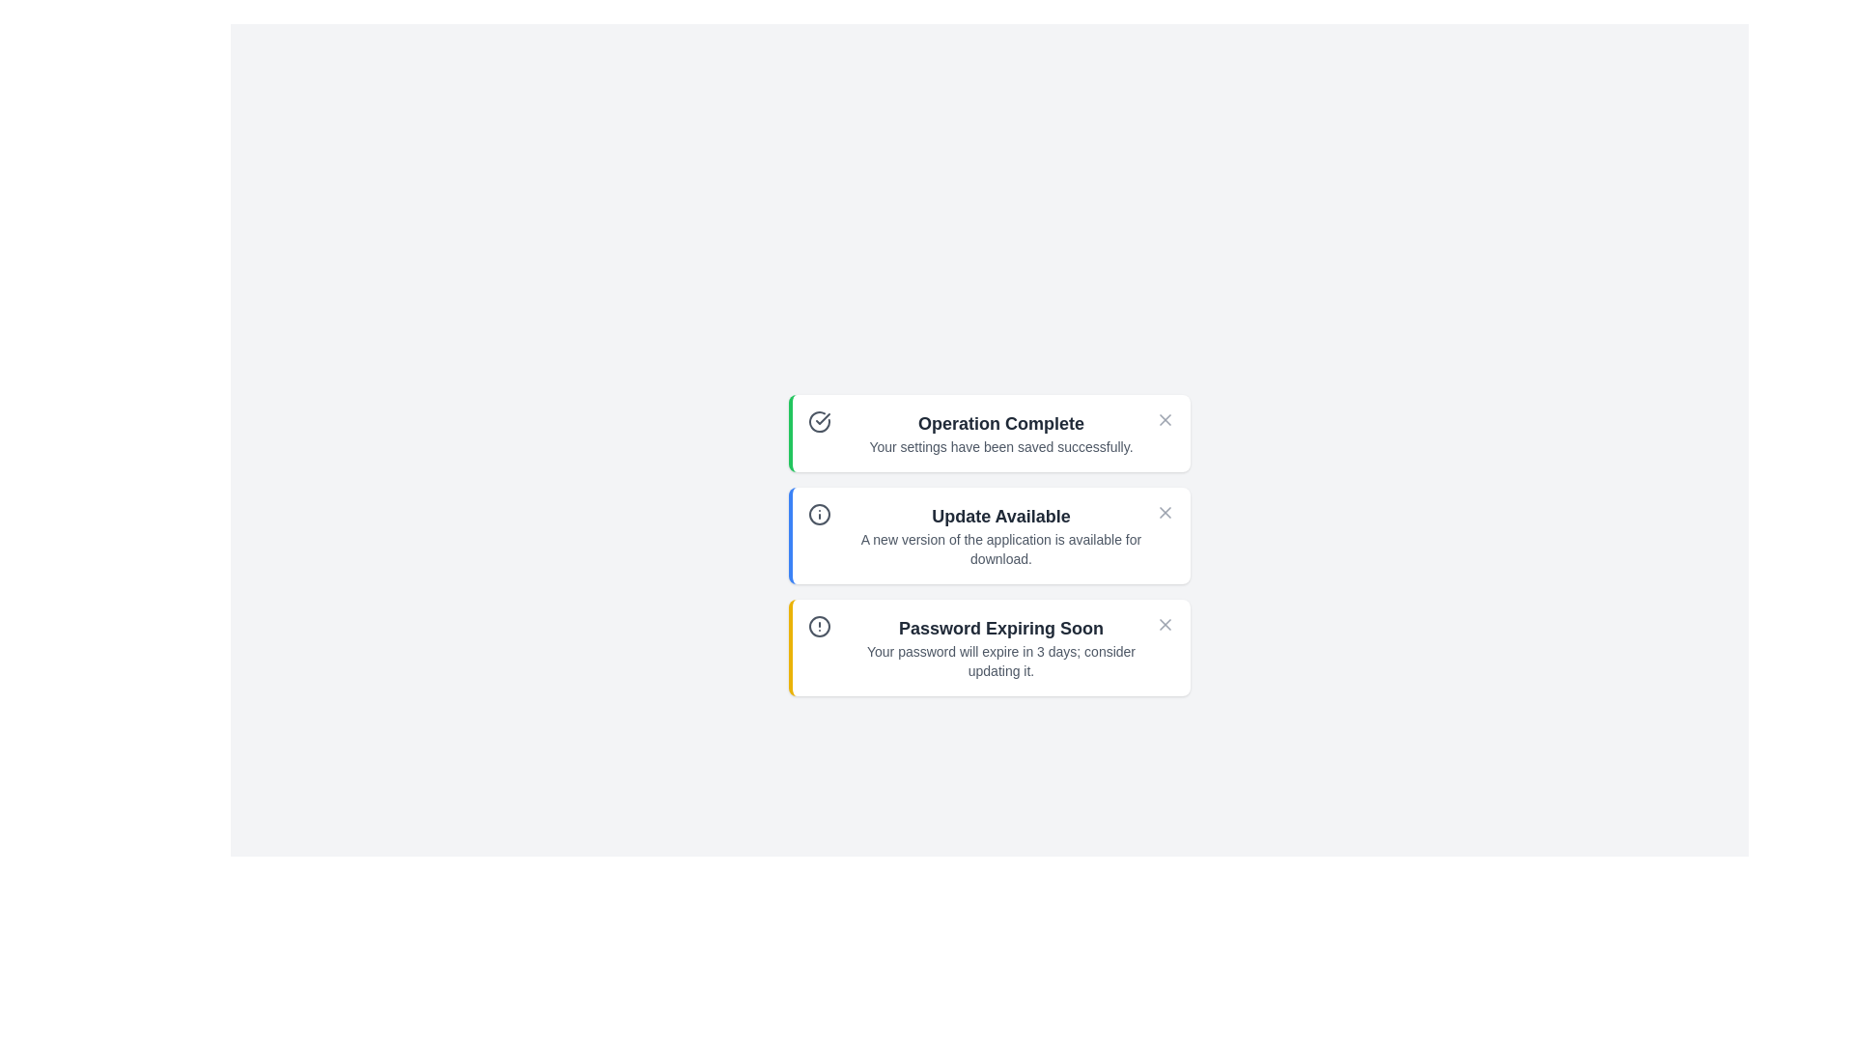  I want to click on the close button located to the right of the 'Operation Complete' notification title, so click(1164, 419).